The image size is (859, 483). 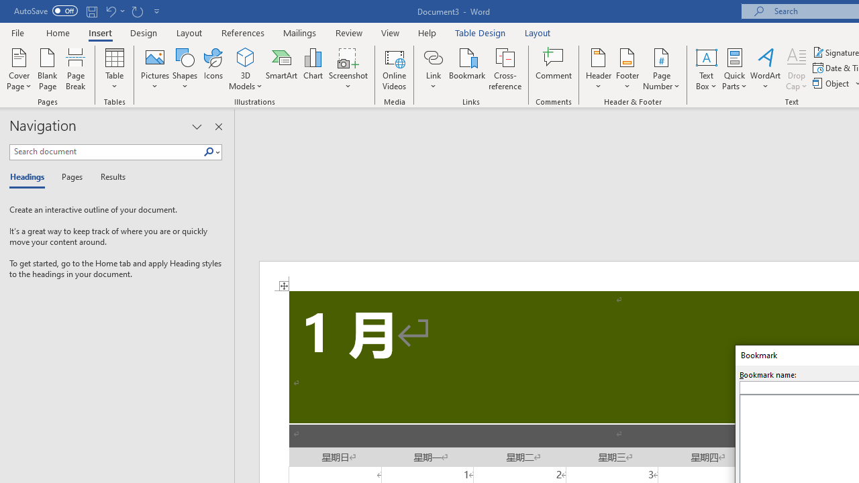 What do you see at coordinates (831, 83) in the screenshot?
I see `'Object...'` at bounding box center [831, 83].